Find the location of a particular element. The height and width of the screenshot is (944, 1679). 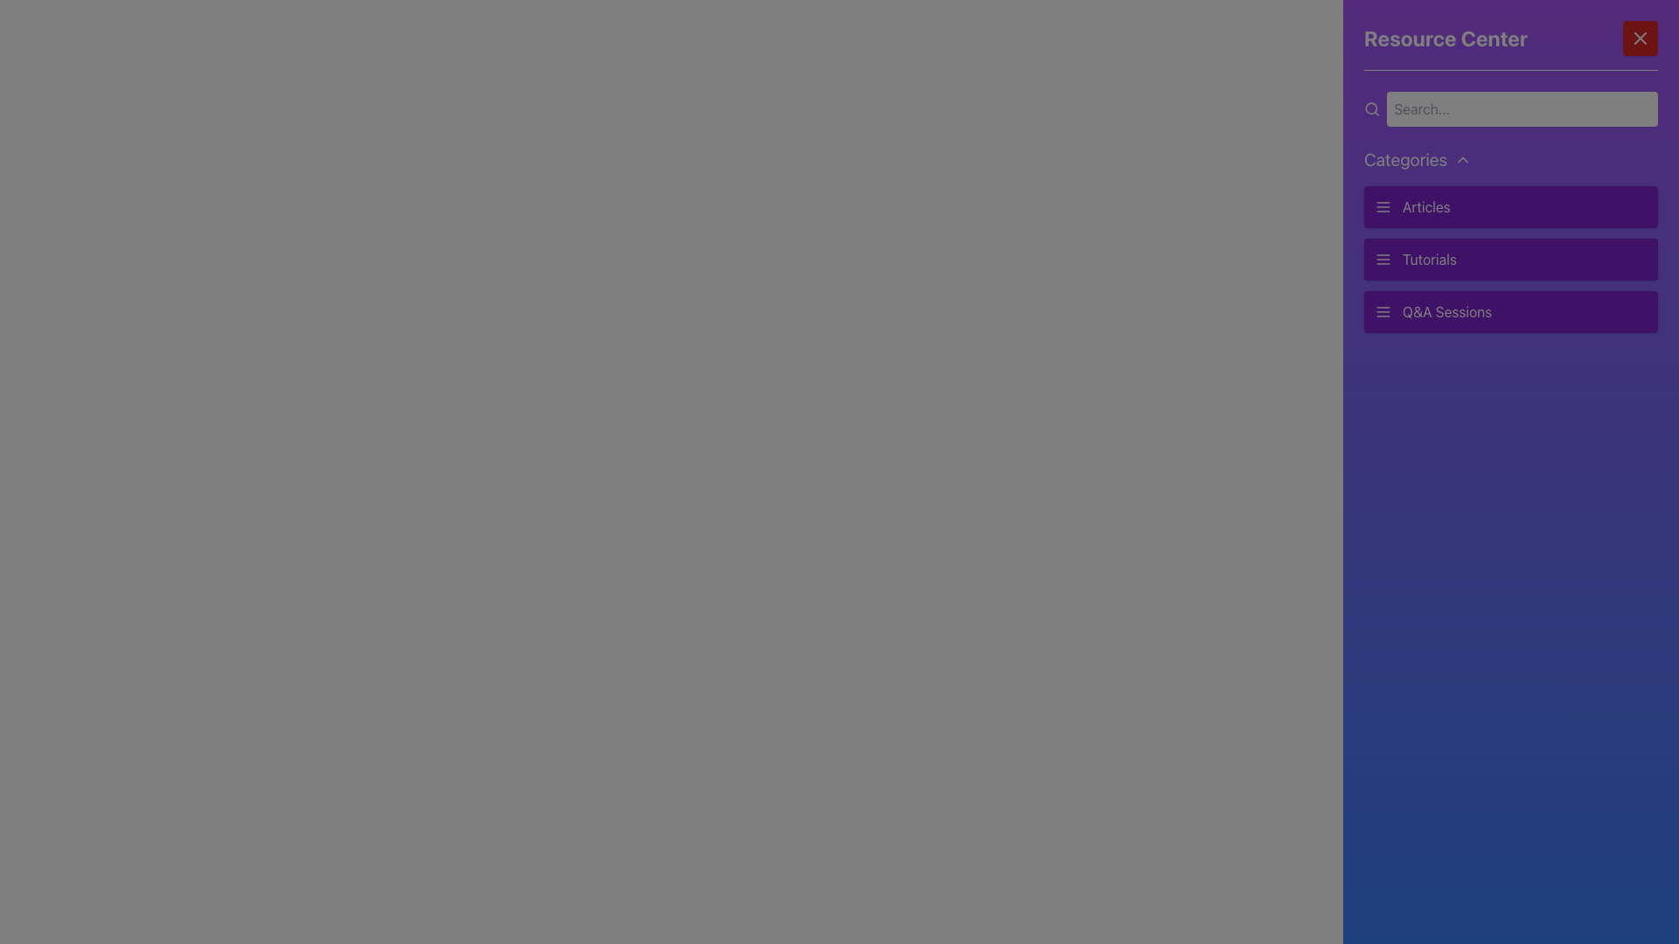

the text element displaying 'Resource Center', which is prominently styled in bold, large font against a purple gradient background, located at the top-left corner of the interface's header is located at coordinates (1446, 38).